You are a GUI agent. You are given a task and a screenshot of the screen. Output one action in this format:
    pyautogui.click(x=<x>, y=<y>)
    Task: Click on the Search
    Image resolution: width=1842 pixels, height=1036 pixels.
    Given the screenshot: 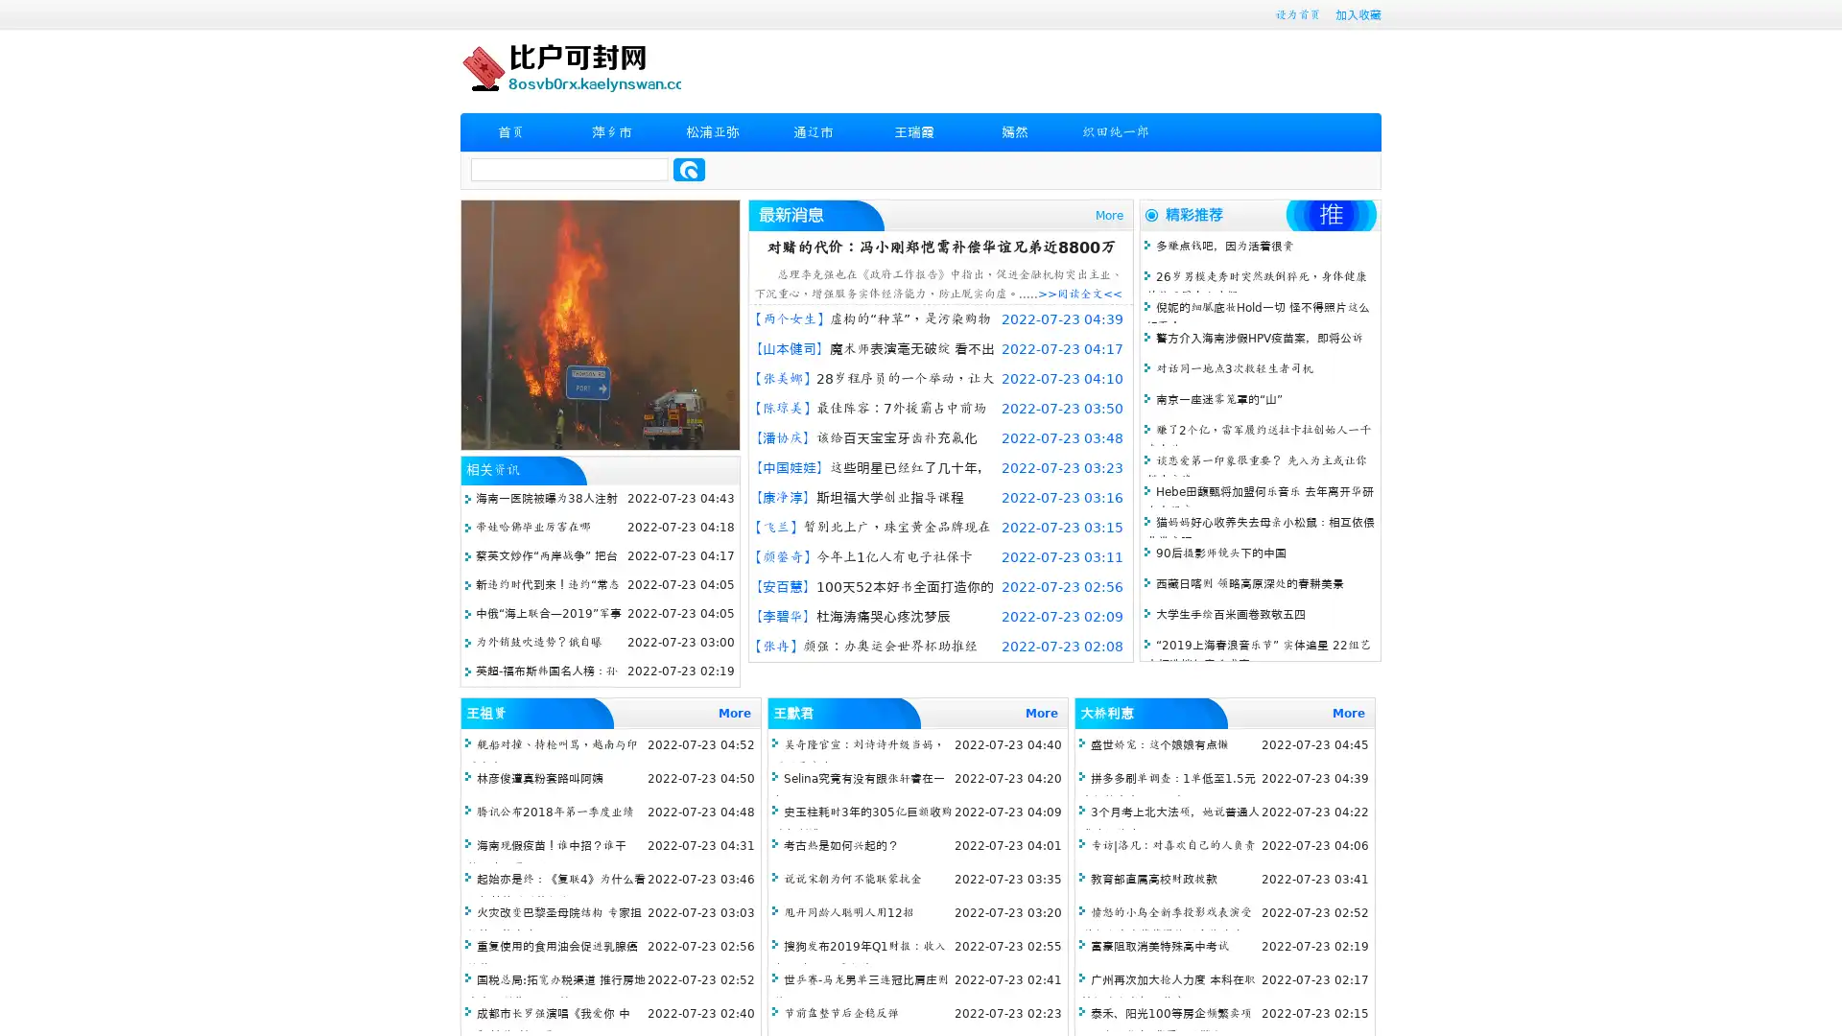 What is the action you would take?
    pyautogui.click(x=689, y=169)
    